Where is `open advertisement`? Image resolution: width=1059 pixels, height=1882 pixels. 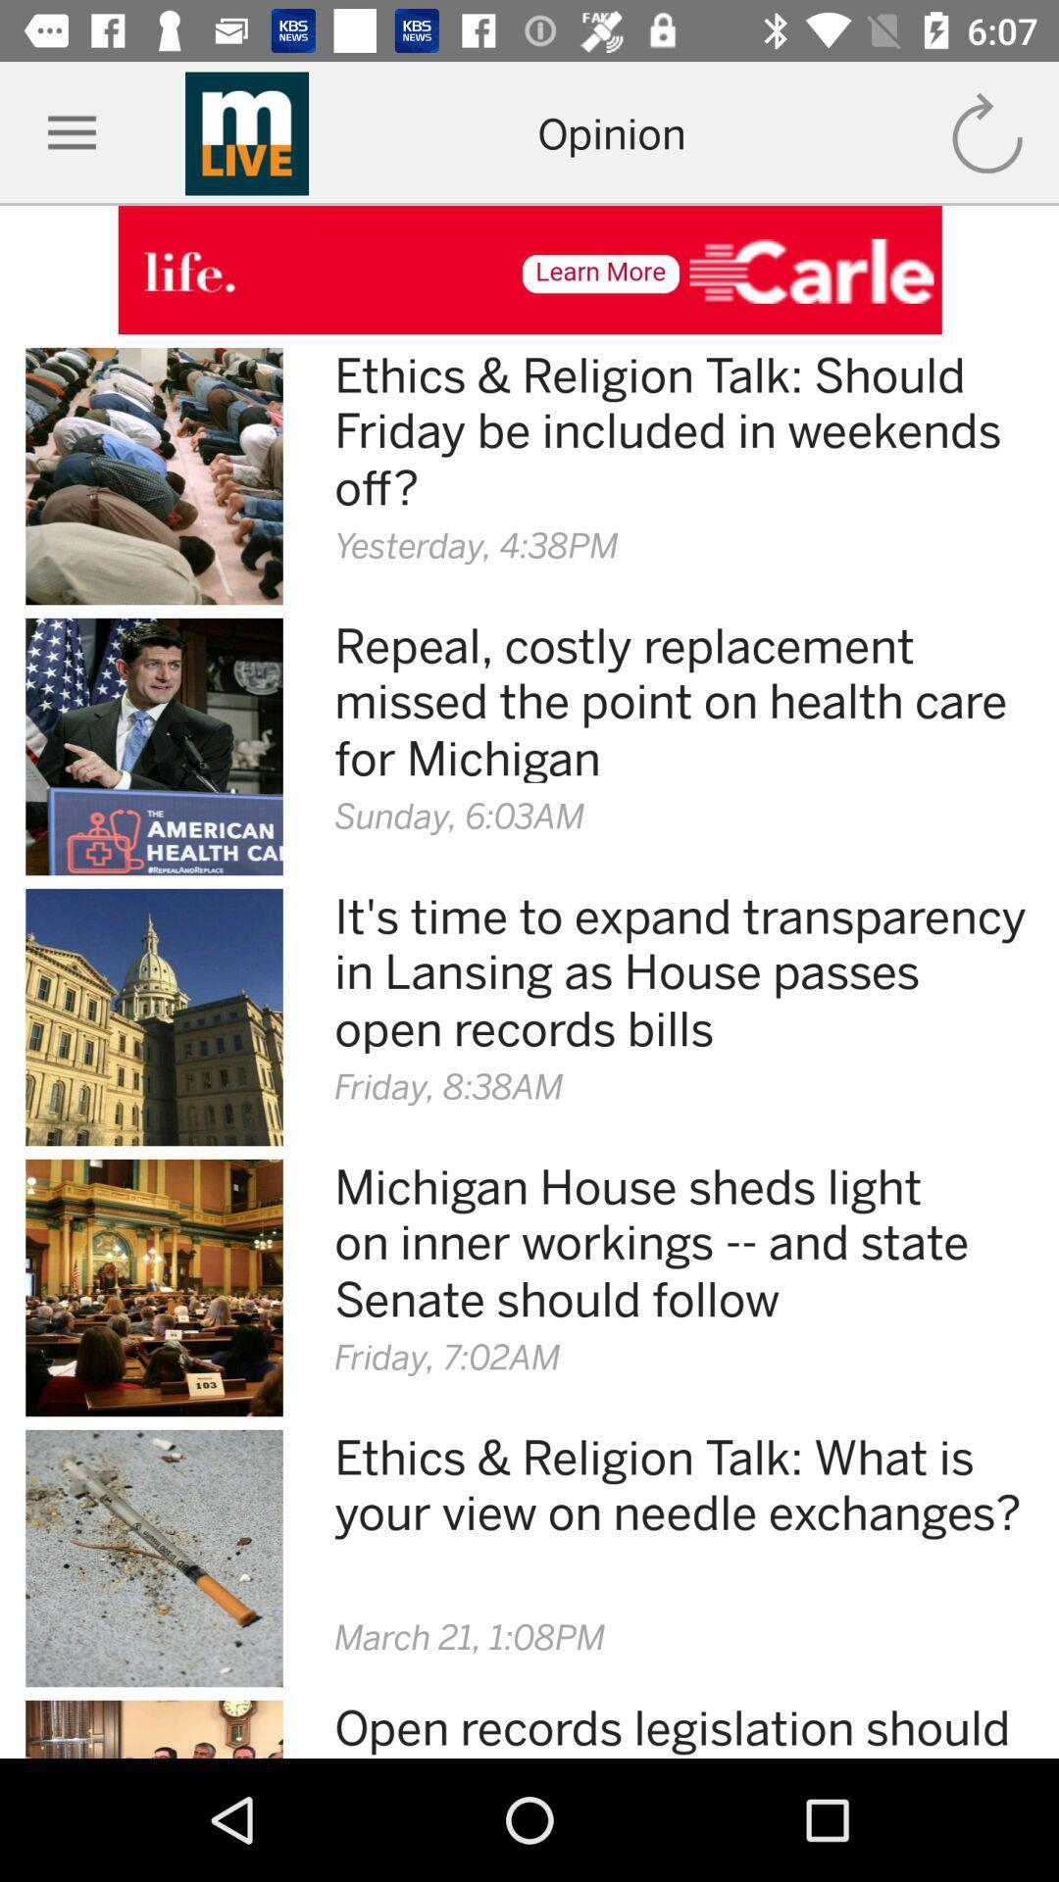 open advertisement is located at coordinates (529, 269).